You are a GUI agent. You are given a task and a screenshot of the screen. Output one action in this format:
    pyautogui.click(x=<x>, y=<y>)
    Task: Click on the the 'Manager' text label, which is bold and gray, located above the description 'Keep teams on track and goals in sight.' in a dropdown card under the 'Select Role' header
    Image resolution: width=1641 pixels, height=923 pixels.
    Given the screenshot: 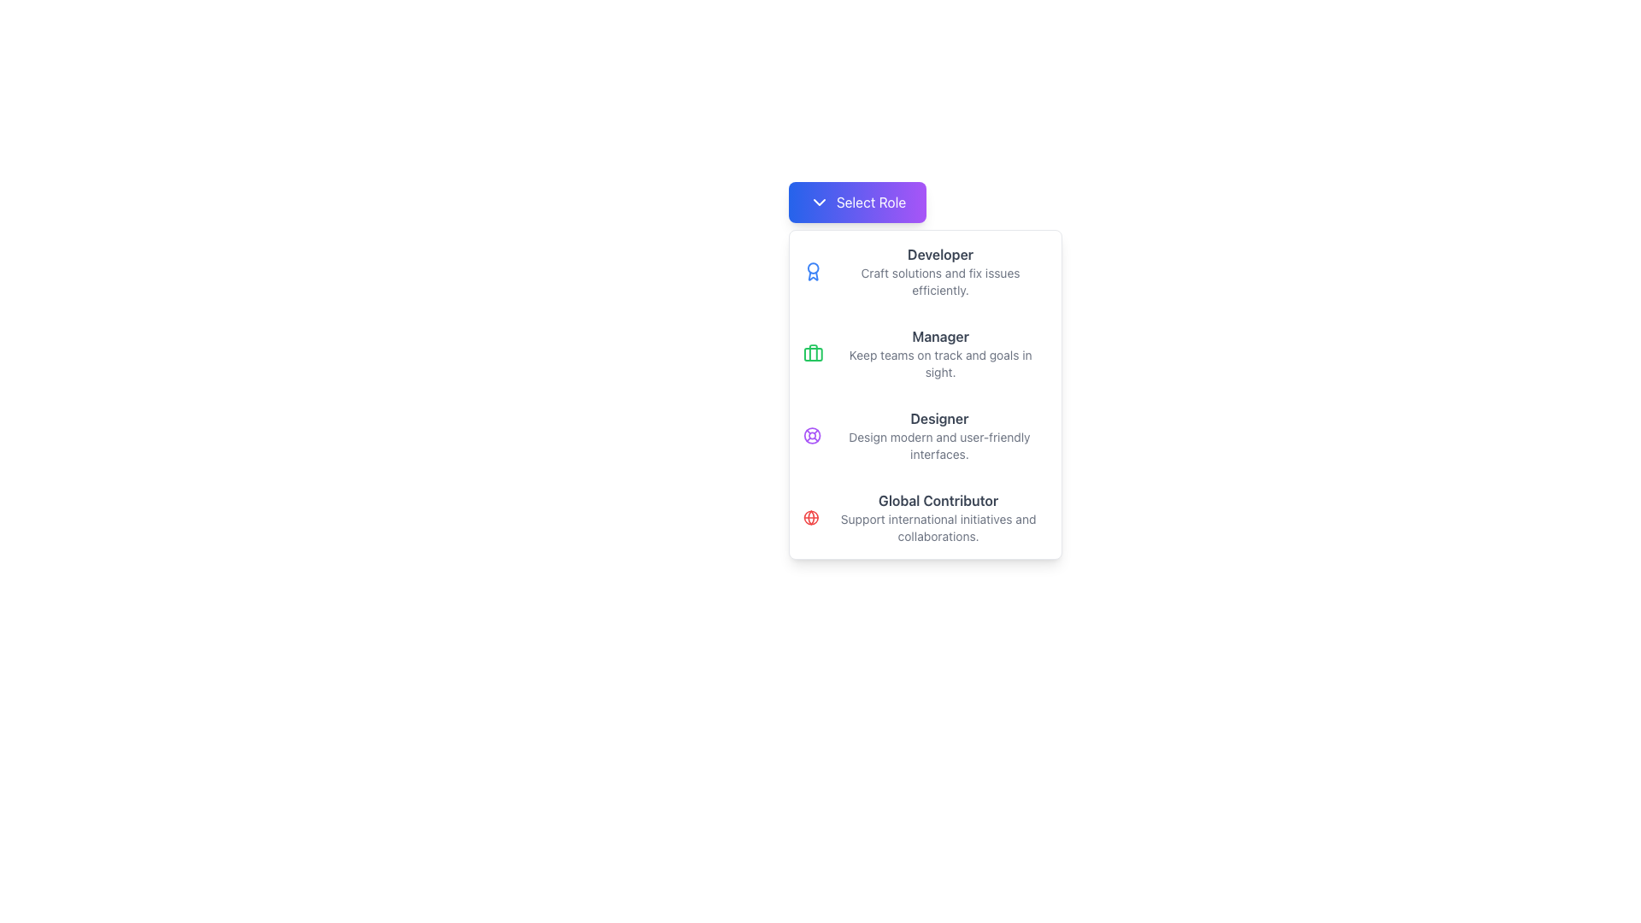 What is the action you would take?
    pyautogui.click(x=939, y=352)
    